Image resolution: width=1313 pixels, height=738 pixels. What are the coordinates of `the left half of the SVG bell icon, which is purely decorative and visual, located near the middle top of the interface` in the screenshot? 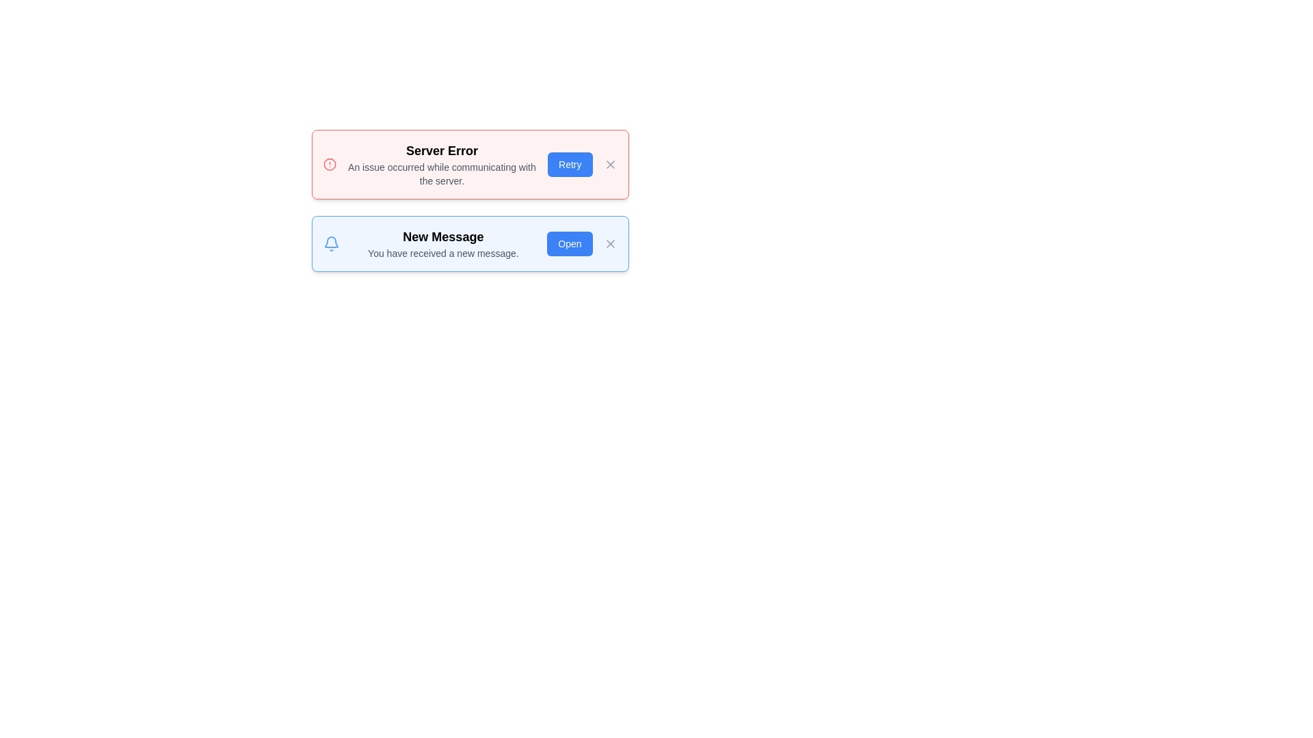 It's located at (331, 241).